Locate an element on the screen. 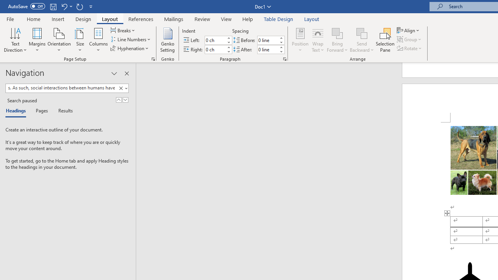 The image size is (498, 280). 'Clear' is located at coordinates (122, 88).